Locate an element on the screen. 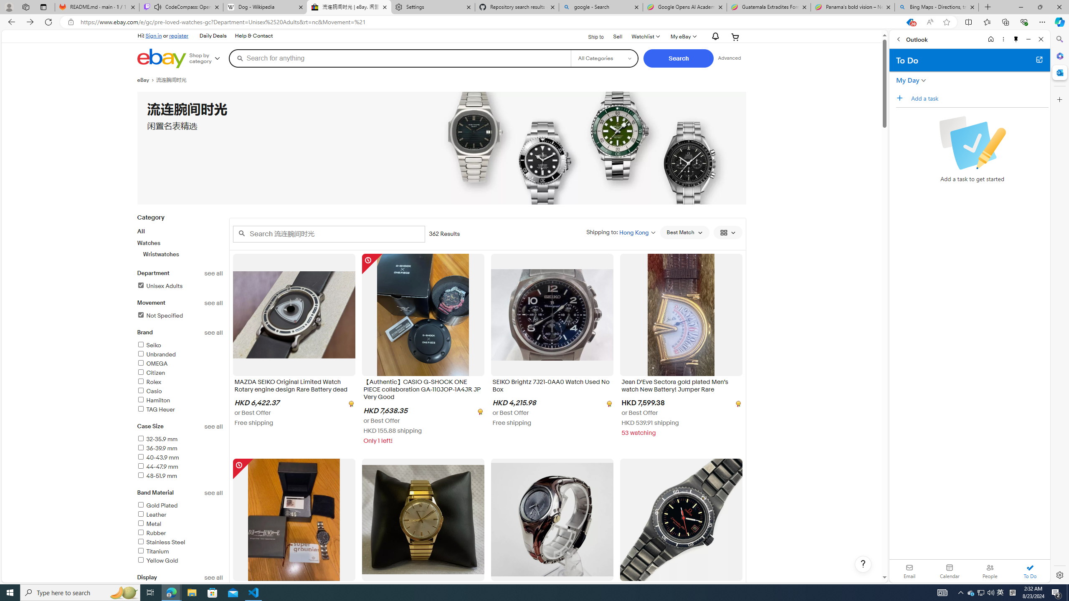 The height and width of the screenshot is (601, 1069). 'Search for anything' is located at coordinates (400, 58).